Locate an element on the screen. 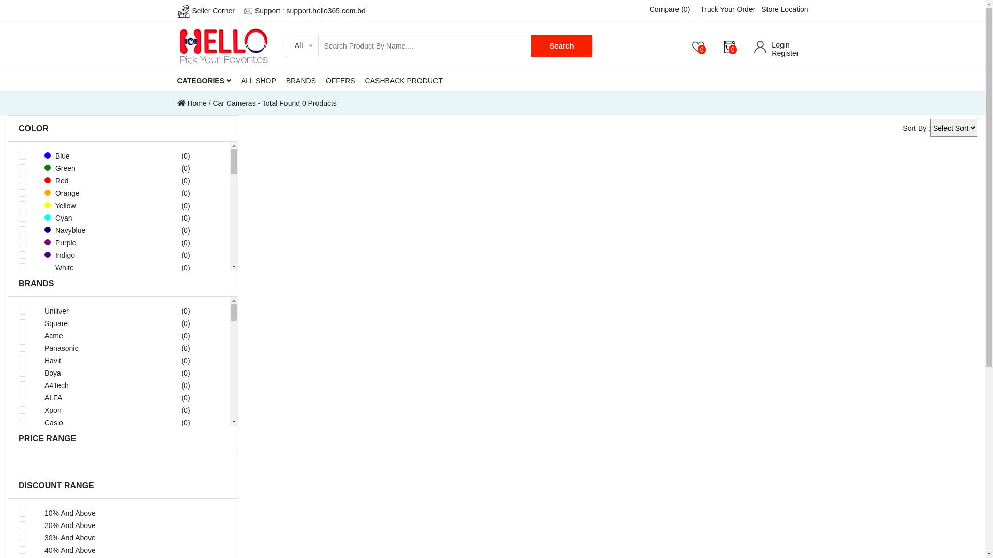 The width and height of the screenshot is (993, 558). 'Car Cameras' is located at coordinates (233, 103).